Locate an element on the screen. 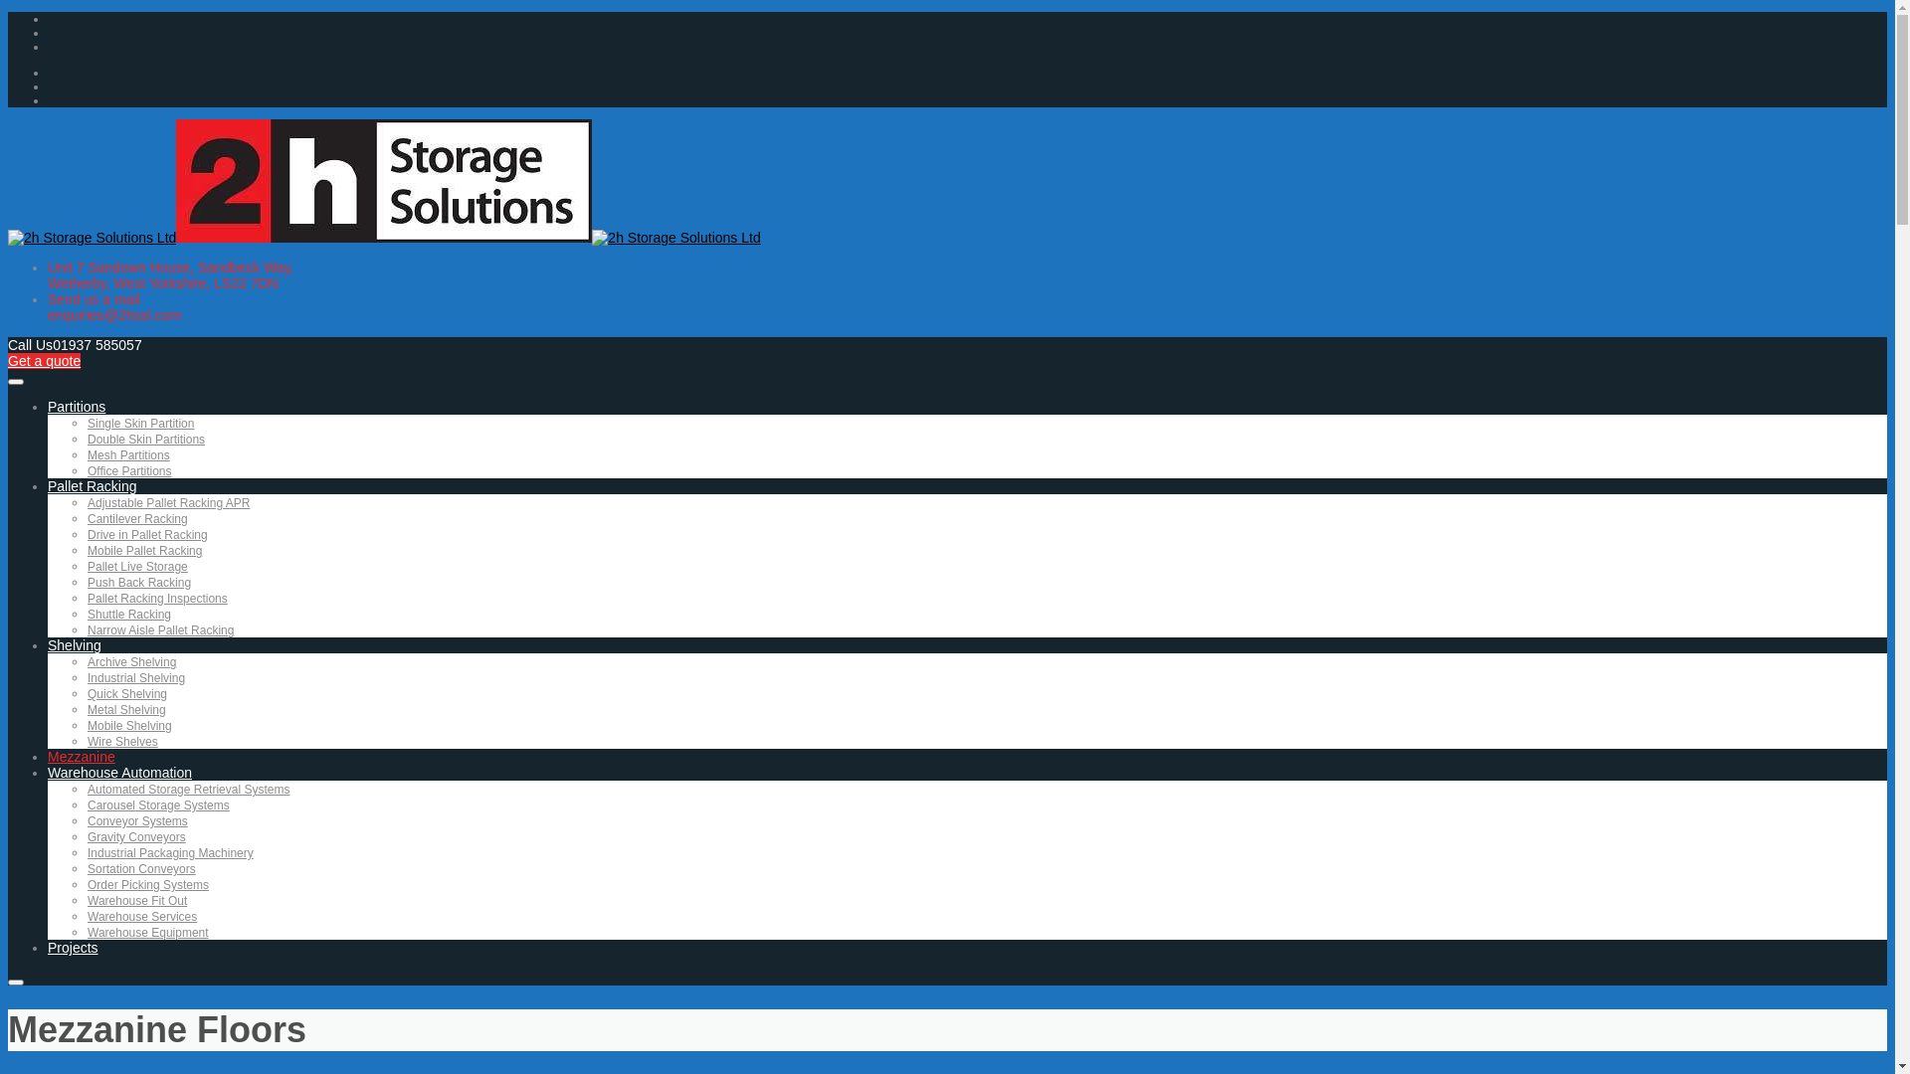 The image size is (1910, 1074). 'Quick Shelving' is located at coordinates (86, 693).